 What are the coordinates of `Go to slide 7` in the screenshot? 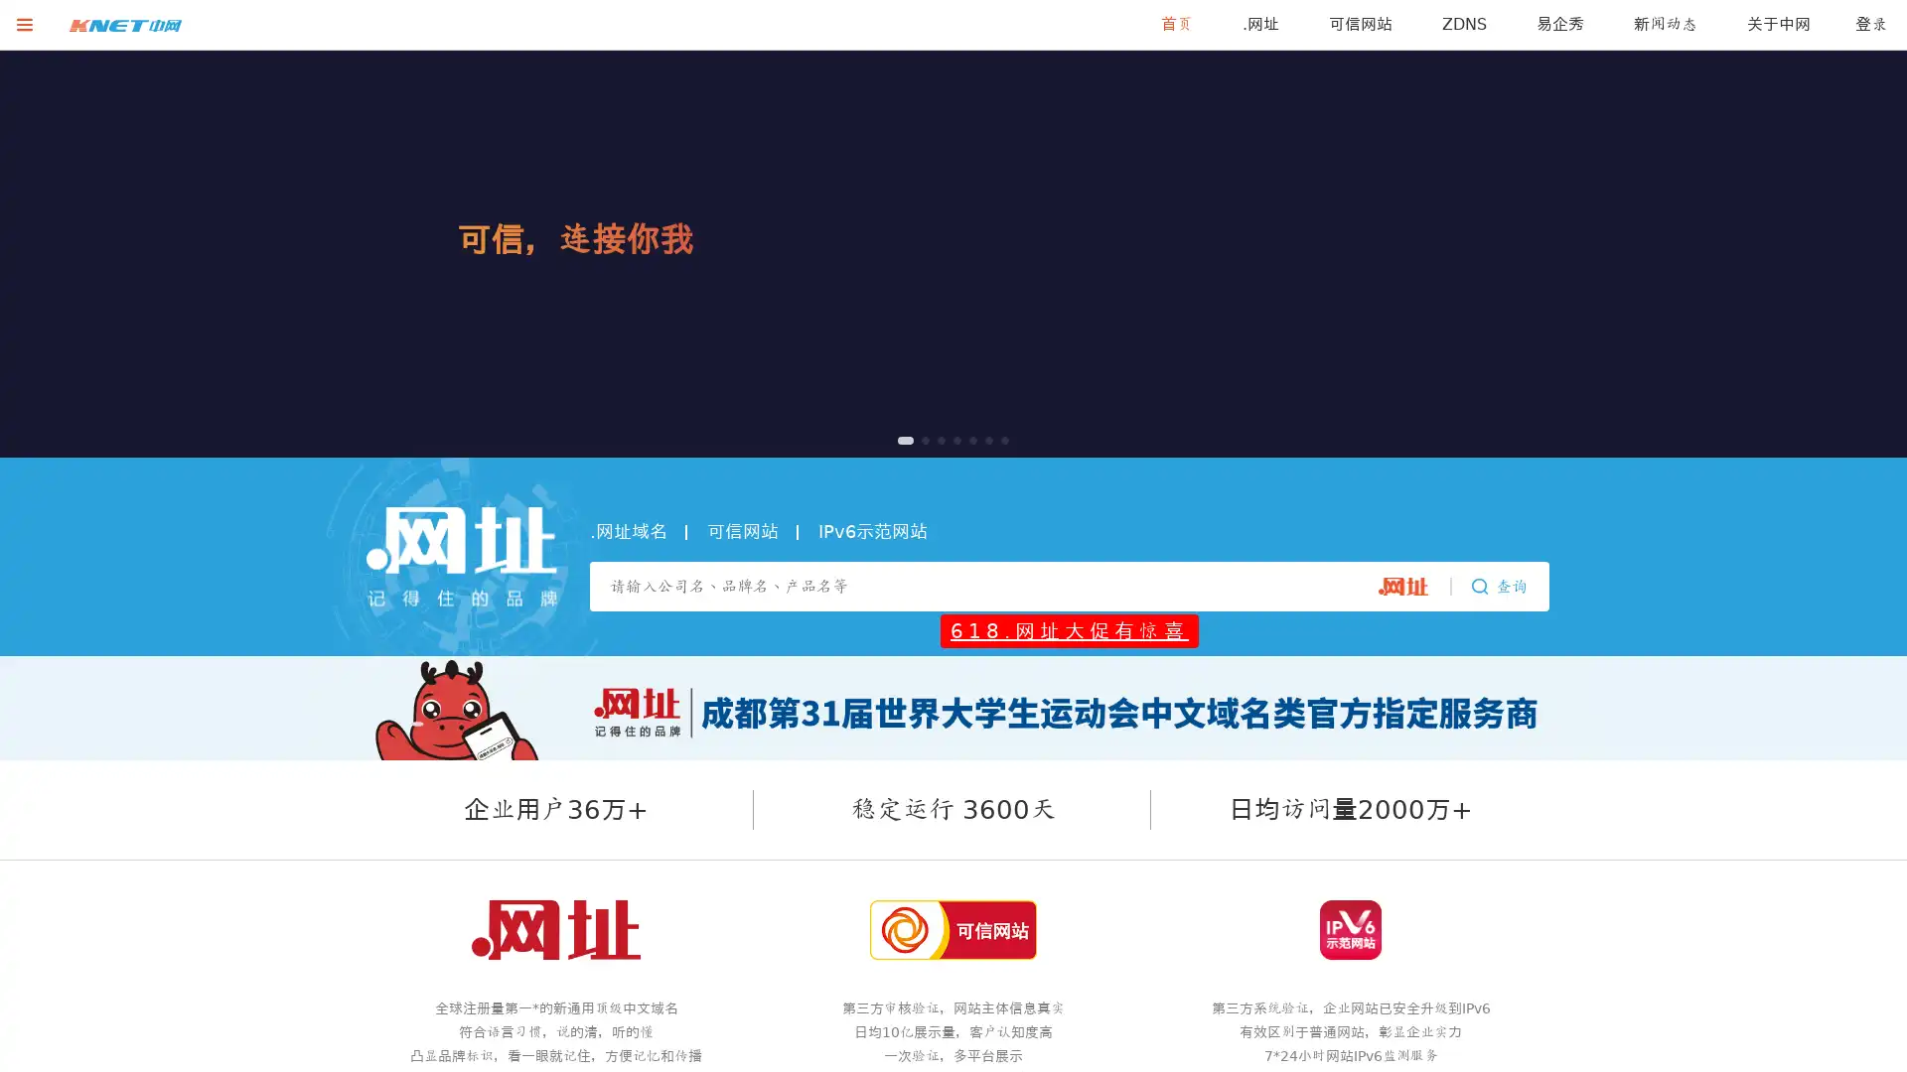 It's located at (1001, 439).